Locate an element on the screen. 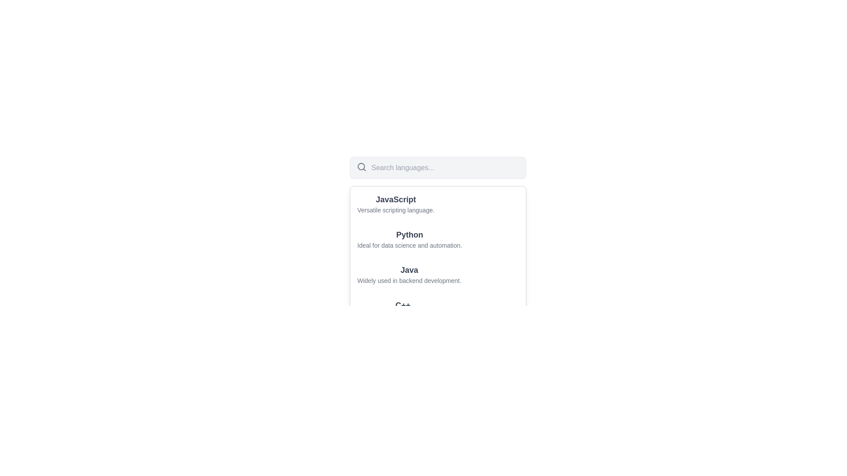 Image resolution: width=847 pixels, height=476 pixels. the text label indicating the programming language, which is positioned between the 'JavaScript' and 'Java' labels in the description block is located at coordinates (409, 234).